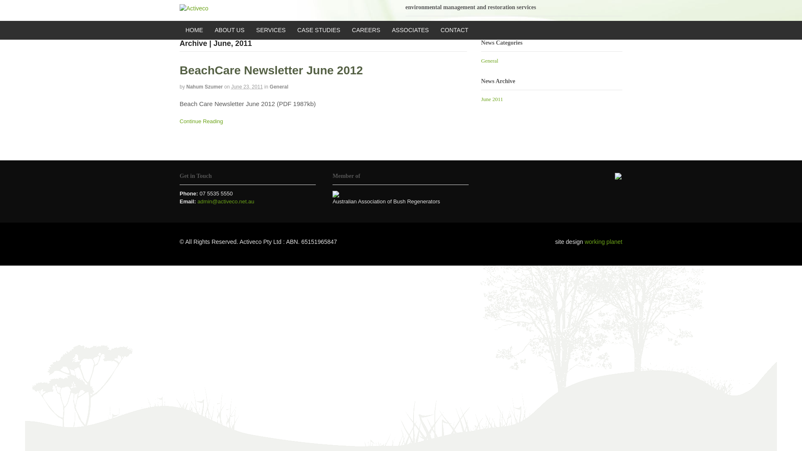 The width and height of the screenshot is (802, 451). What do you see at coordinates (271, 70) in the screenshot?
I see `'BeachCare Newsletter June 2012'` at bounding box center [271, 70].